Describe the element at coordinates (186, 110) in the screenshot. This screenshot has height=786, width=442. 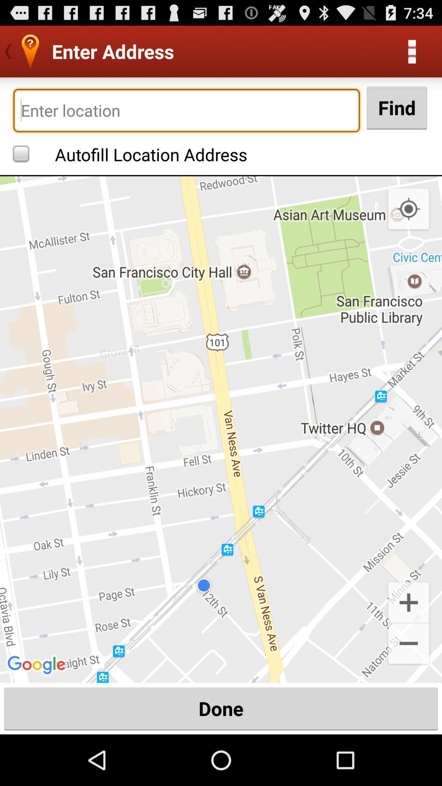
I see `the button next to the find` at that location.